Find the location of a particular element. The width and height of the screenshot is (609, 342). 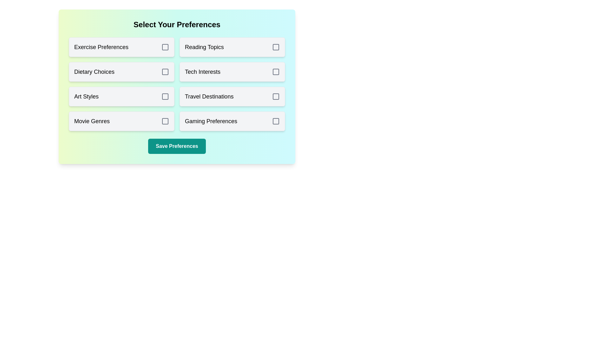

the option Exercise Preferences to observe its hover effect is located at coordinates (121, 47).